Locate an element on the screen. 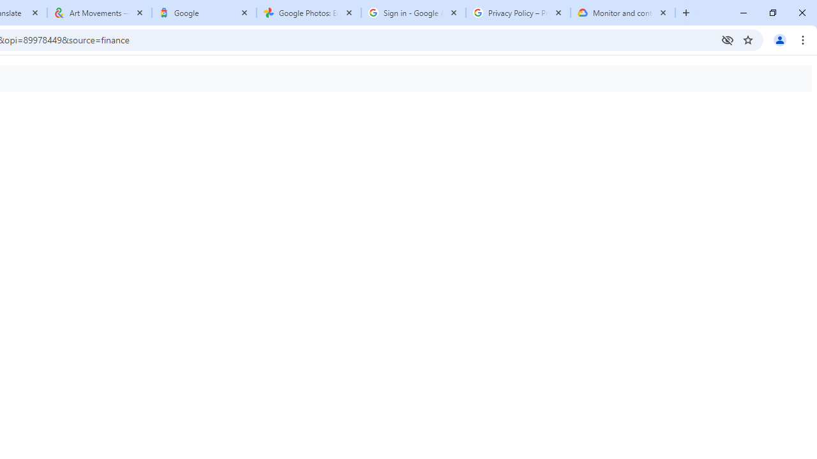  'Sign in - Google Accounts' is located at coordinates (413, 13).